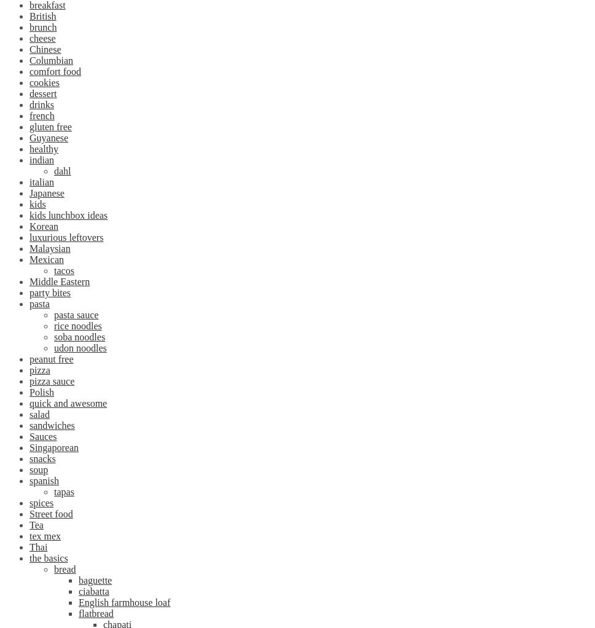  What do you see at coordinates (44, 536) in the screenshot?
I see `'tex mex'` at bounding box center [44, 536].